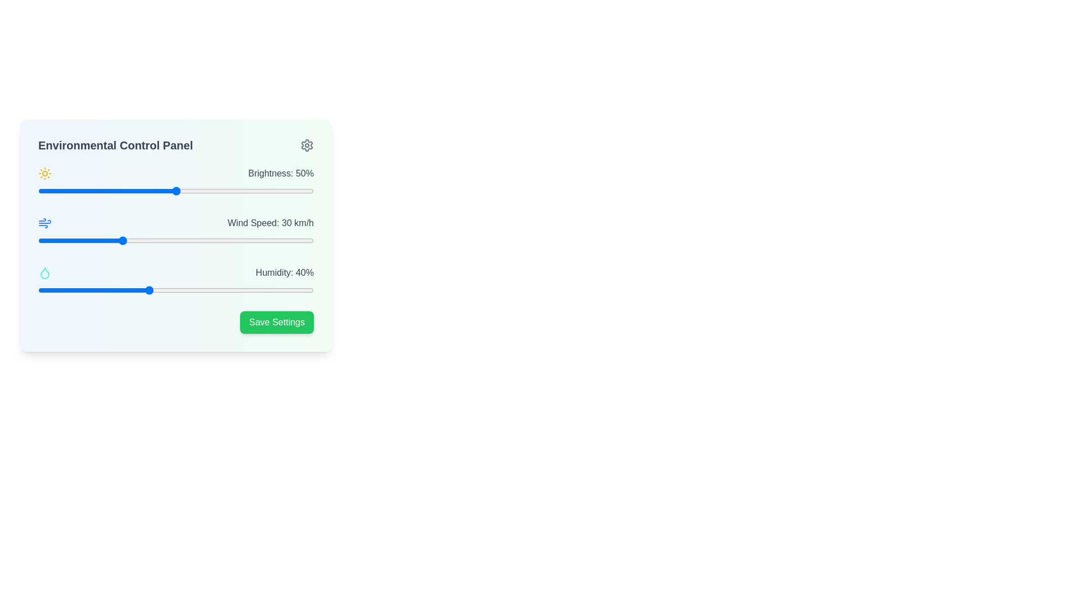  Describe the element at coordinates (45, 272) in the screenshot. I see `the teal droplet icon located to the left of the 'Humidity: 40%' text element` at that location.